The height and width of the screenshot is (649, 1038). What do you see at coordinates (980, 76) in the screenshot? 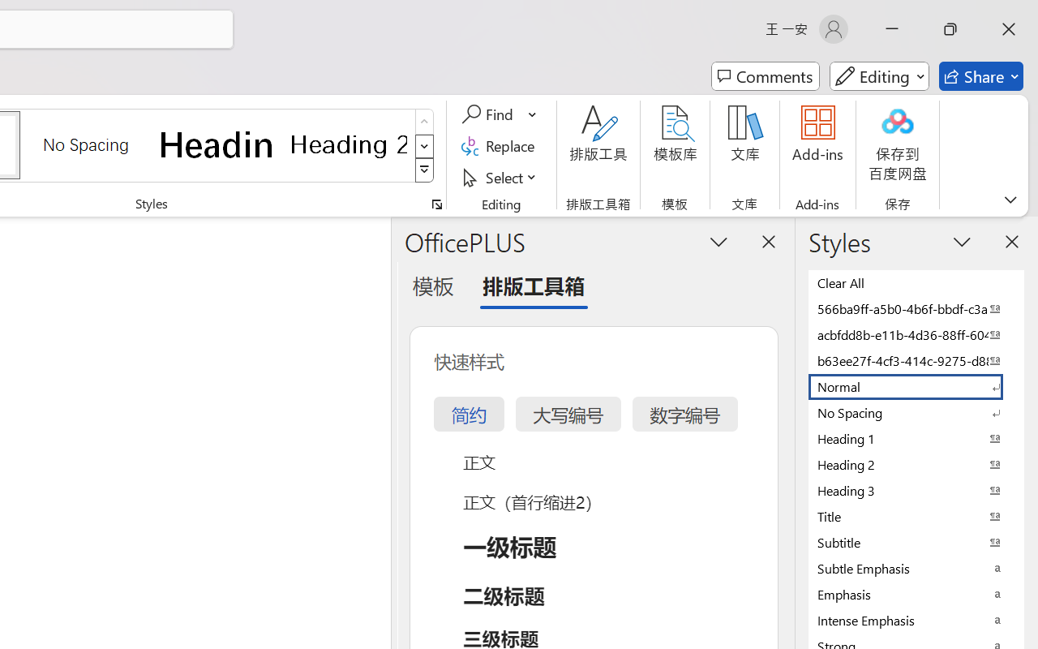
I see `'Share'` at bounding box center [980, 76].